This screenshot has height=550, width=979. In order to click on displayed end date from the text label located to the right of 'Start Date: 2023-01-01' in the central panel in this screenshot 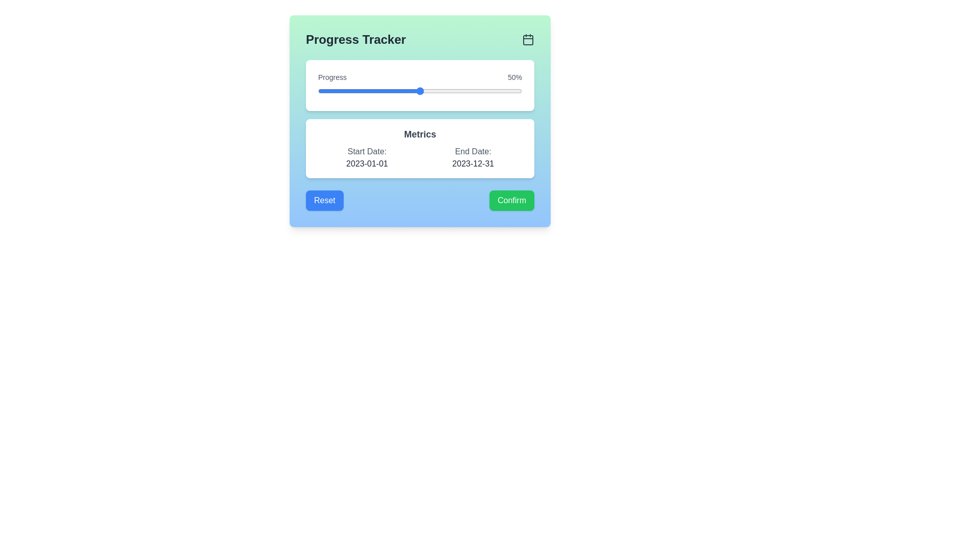, I will do `click(472, 157)`.